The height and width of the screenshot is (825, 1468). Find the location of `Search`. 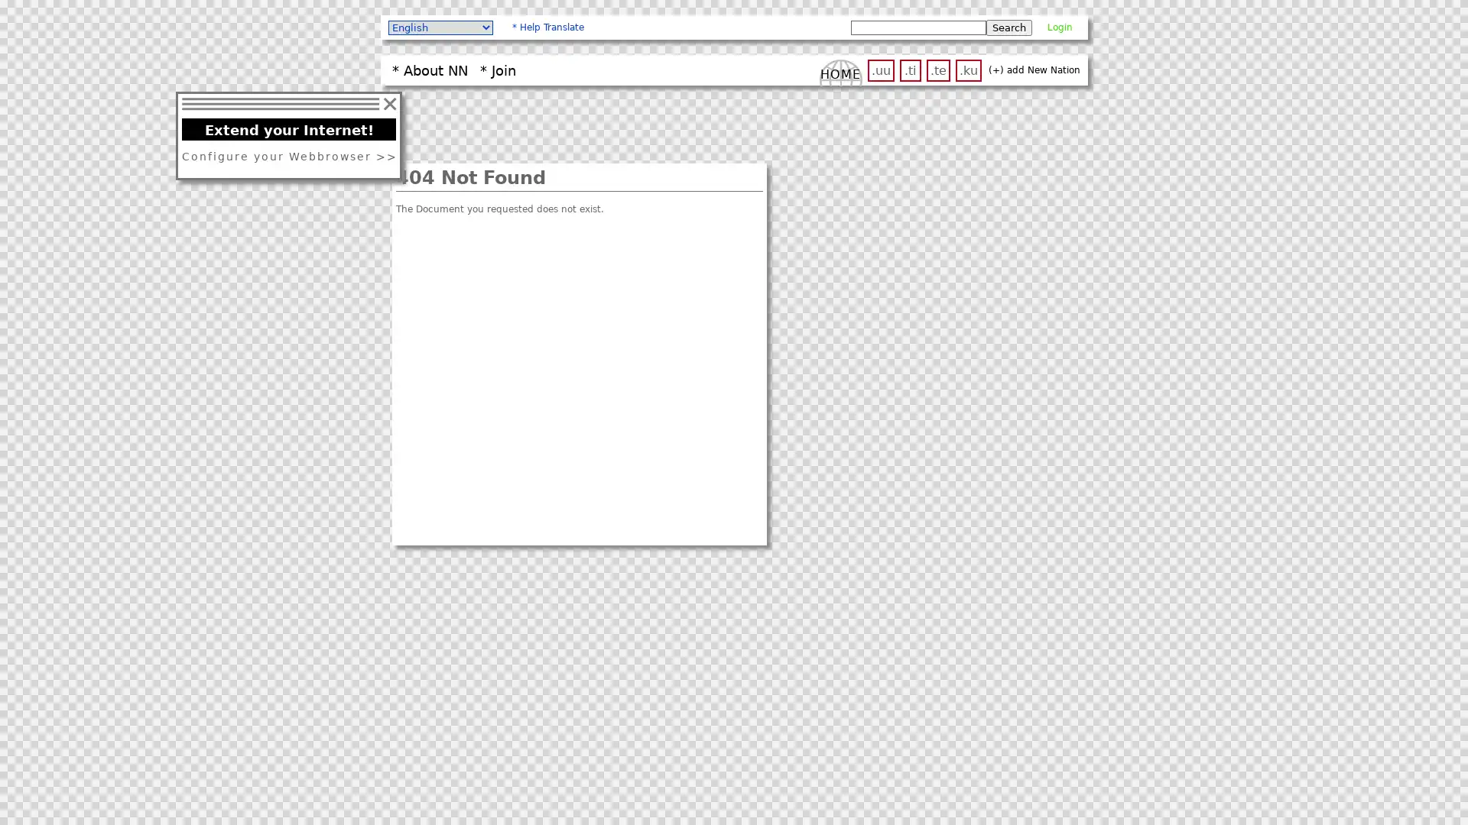

Search is located at coordinates (1008, 27).